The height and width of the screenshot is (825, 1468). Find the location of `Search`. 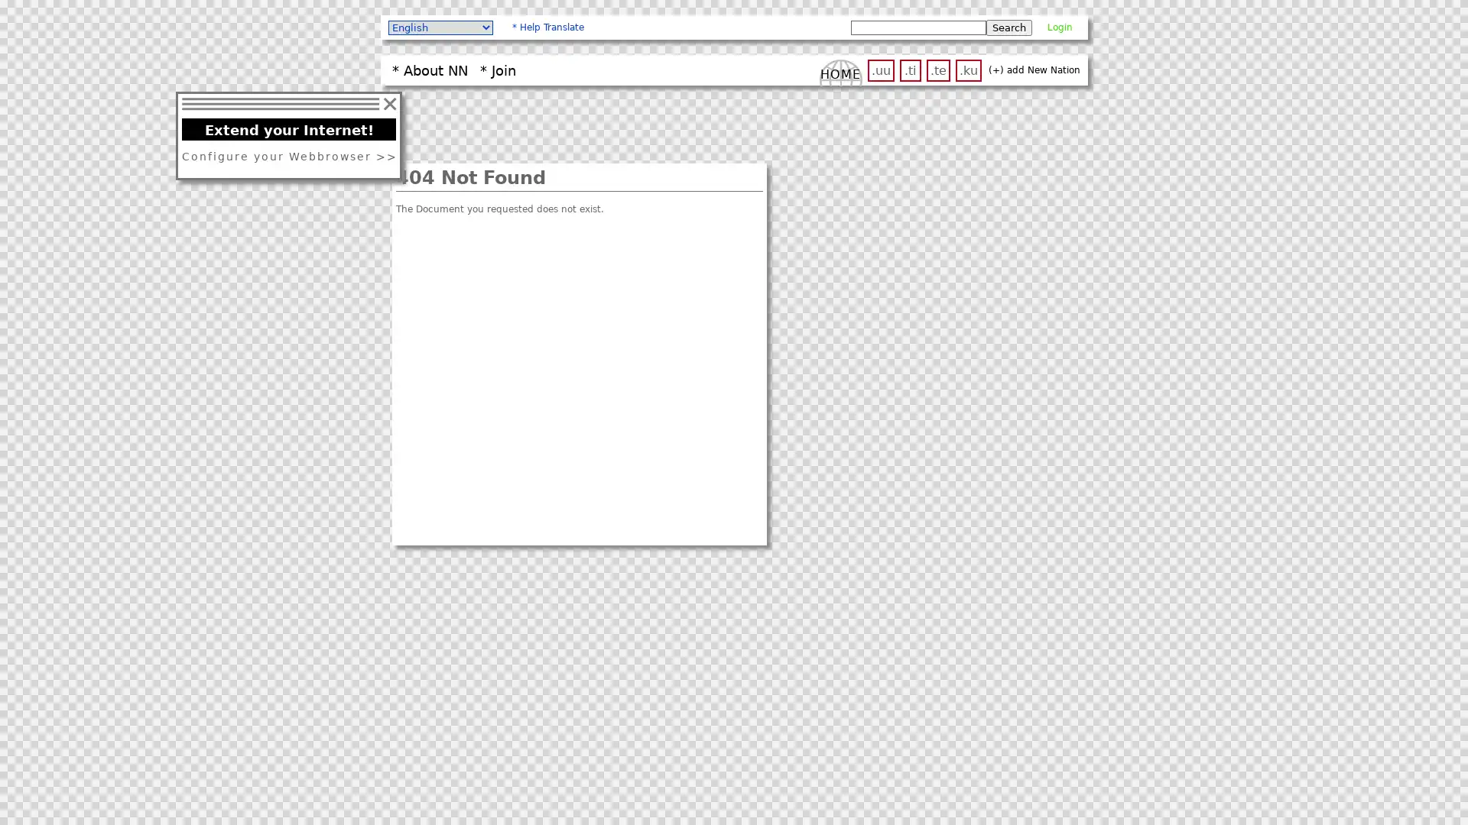

Search is located at coordinates (1008, 27).